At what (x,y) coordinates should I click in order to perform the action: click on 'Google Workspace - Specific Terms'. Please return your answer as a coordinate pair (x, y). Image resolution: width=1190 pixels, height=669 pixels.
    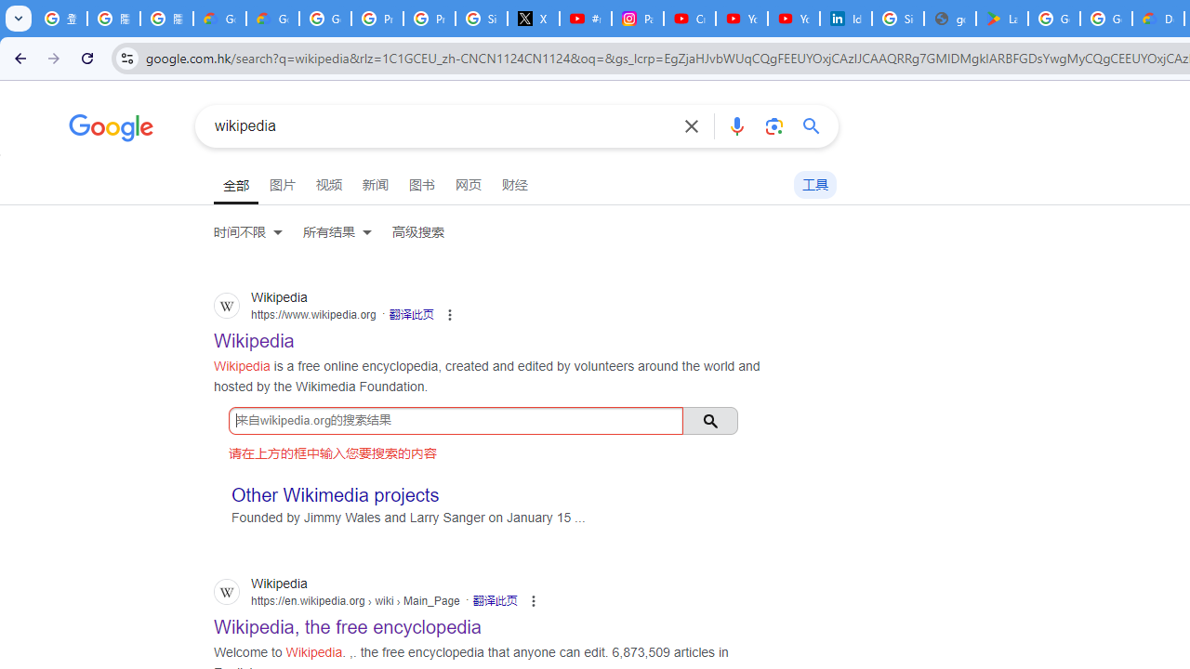
    Looking at the image, I should click on (1106, 19).